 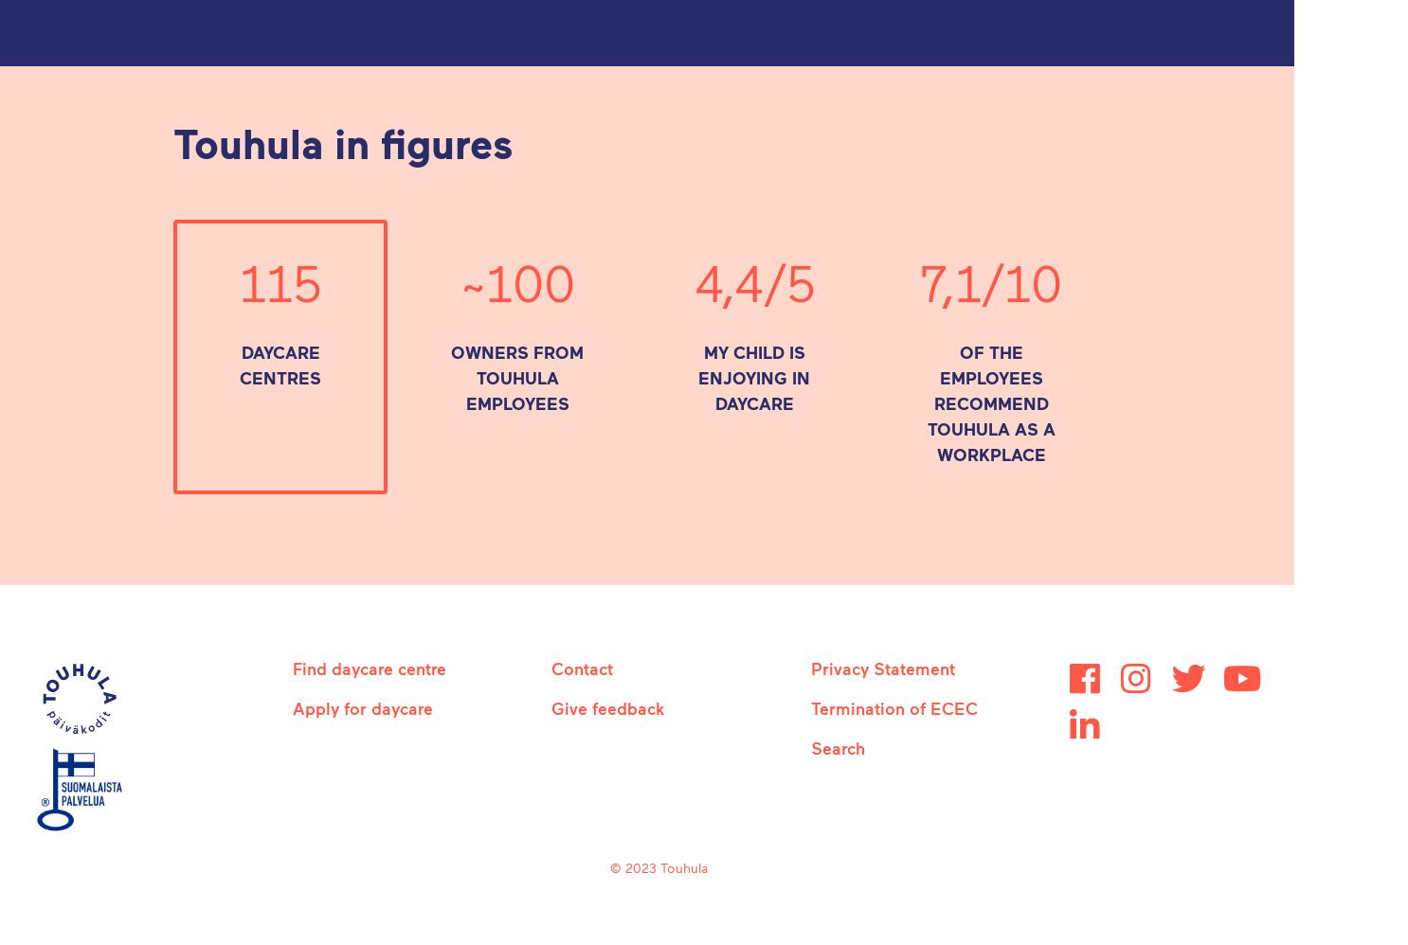 What do you see at coordinates (280, 279) in the screenshot?
I see `'115'` at bounding box center [280, 279].